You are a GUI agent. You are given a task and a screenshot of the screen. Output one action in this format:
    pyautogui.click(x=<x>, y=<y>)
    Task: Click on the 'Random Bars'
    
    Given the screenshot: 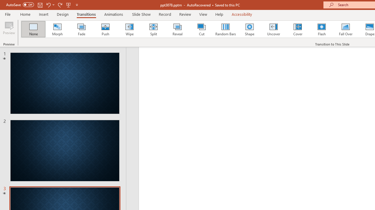 What is the action you would take?
    pyautogui.click(x=225, y=29)
    